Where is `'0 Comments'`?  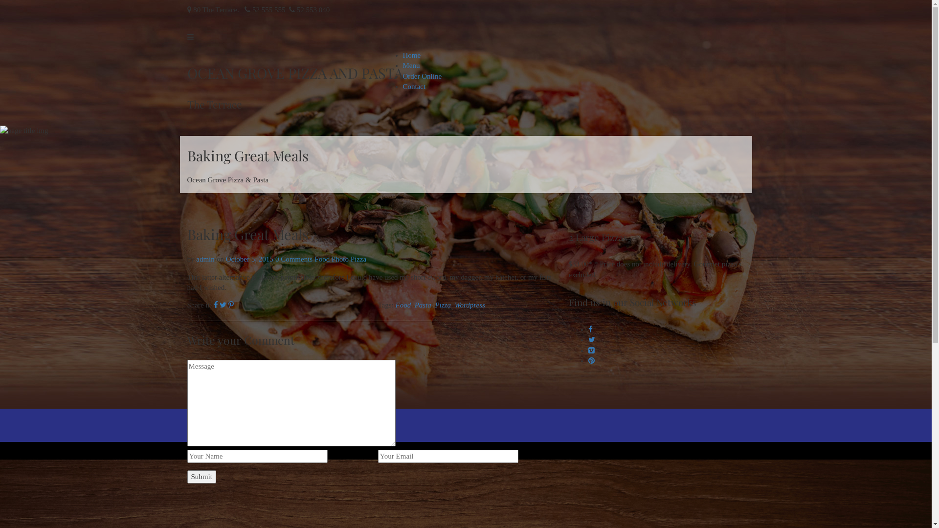
'0 Comments' is located at coordinates (293, 258).